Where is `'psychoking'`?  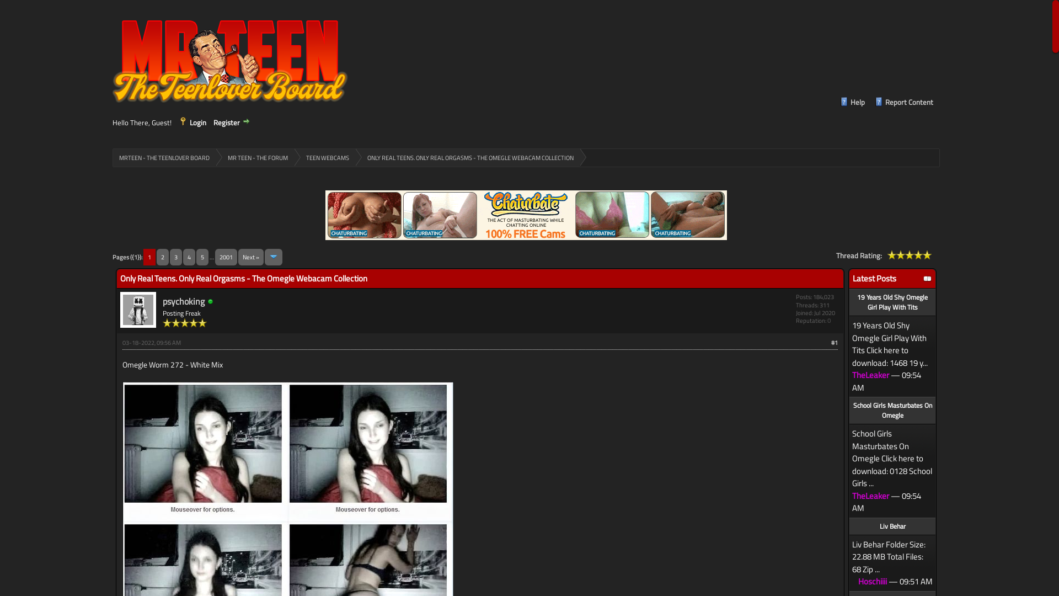 'psychoking' is located at coordinates (162, 301).